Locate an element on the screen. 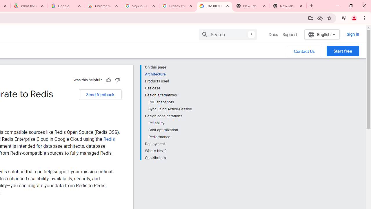 Image resolution: width=371 pixels, height=209 pixels. 'Send feedback' is located at coordinates (100, 94).